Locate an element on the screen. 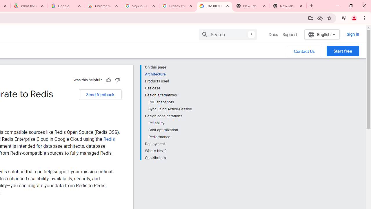 Image resolution: width=371 pixels, height=209 pixels. 'Send feedback' is located at coordinates (100, 94).